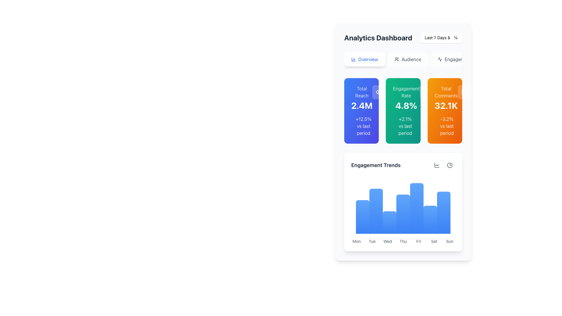  What do you see at coordinates (361, 111) in the screenshot?
I see `the 'Total Reach' widget on the dashboard, which features a gradient background from blue to indigo with the value '2.4M' prominently displayed` at bounding box center [361, 111].